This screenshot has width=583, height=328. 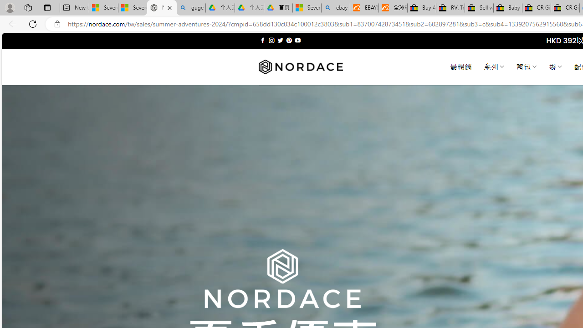 I want to click on 'Follow on Twitter', so click(x=280, y=40).